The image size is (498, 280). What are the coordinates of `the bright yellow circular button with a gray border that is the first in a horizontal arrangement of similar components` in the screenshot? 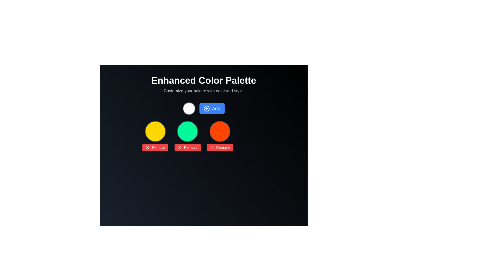 It's located at (155, 131).